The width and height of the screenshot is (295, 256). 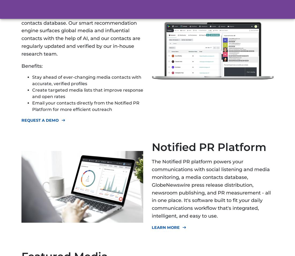 I want to click on 'Discover relevant journalists using our media contacts database. Our smart recommendation engine surfaces global media and influential contacts with the help of AI, and our contacts are regularly updated and verified by our in-house research team.', so click(x=80, y=34).